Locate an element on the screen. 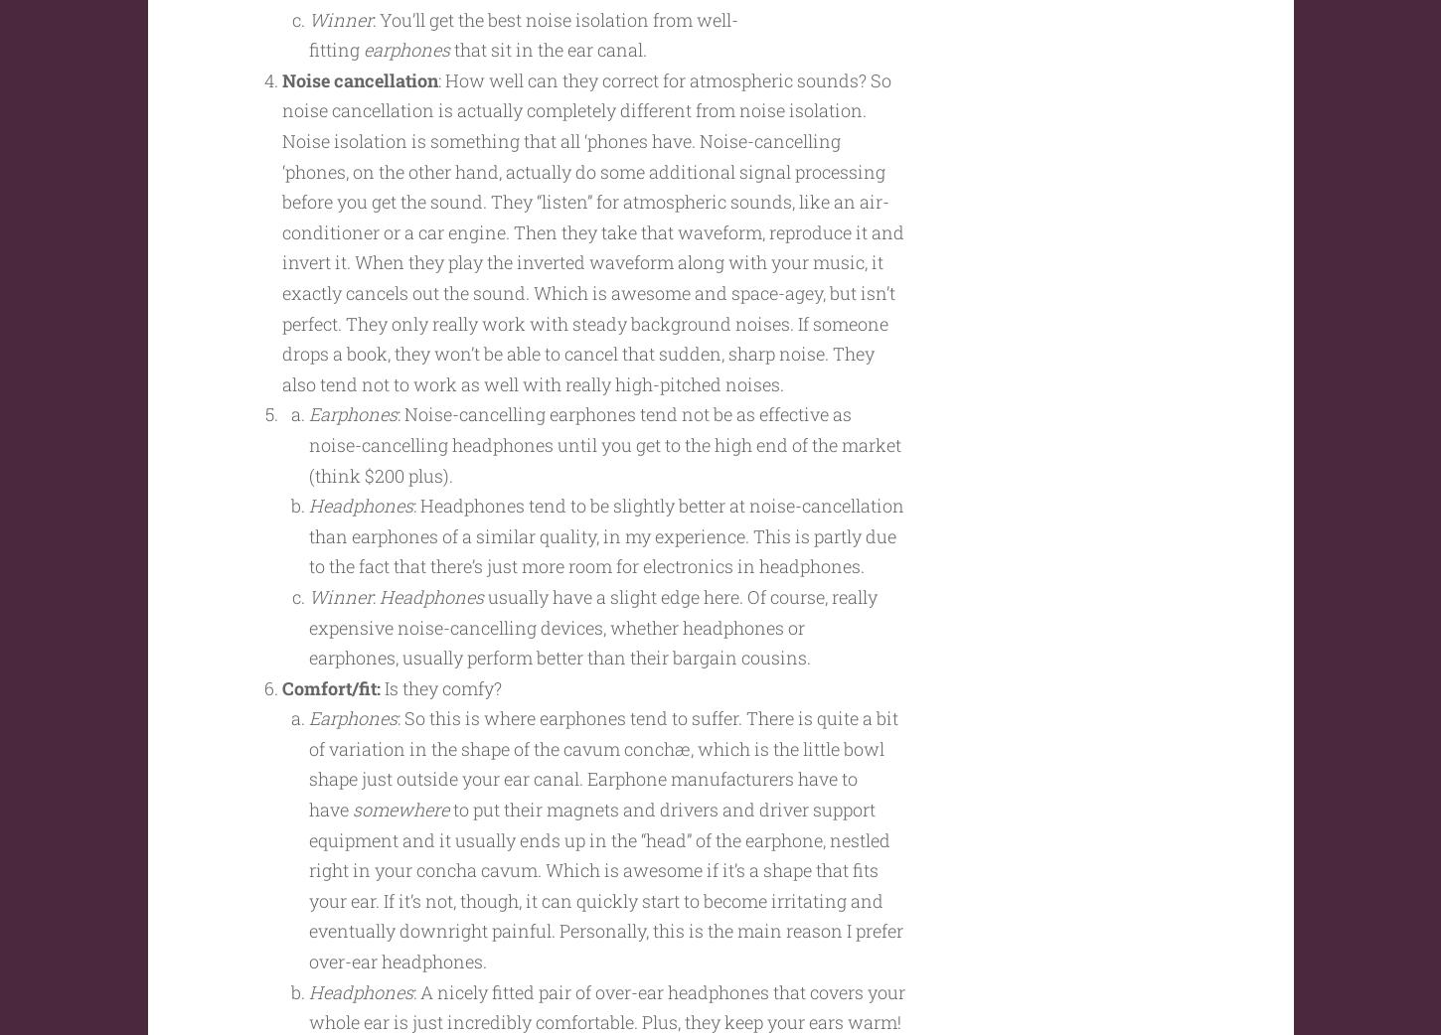  ': You’ll get the best noise isolation from well-fitting' is located at coordinates (523, 72).